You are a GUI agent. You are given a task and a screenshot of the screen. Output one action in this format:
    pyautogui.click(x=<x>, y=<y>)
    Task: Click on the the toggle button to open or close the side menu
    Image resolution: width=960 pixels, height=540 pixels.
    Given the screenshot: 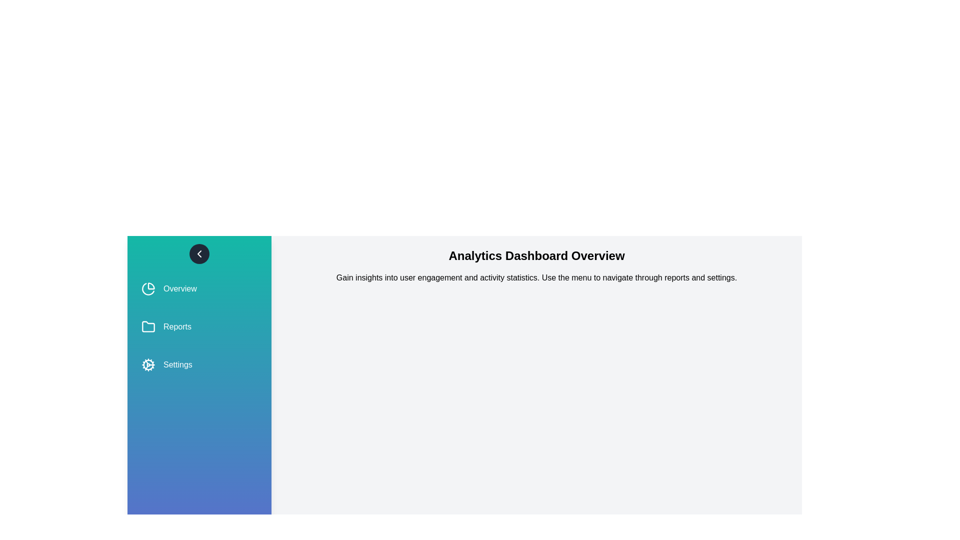 What is the action you would take?
    pyautogui.click(x=199, y=253)
    